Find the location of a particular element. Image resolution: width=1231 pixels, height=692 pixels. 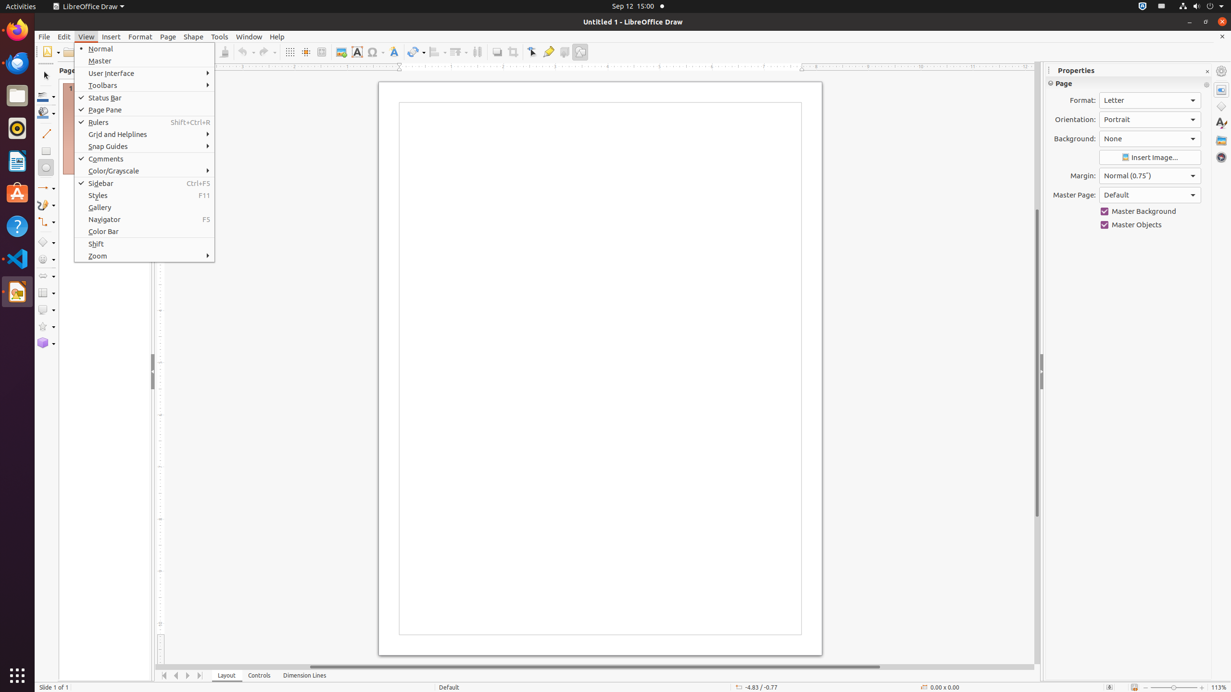

':1.72/StatusNotifierItem' is located at coordinates (1142, 6).